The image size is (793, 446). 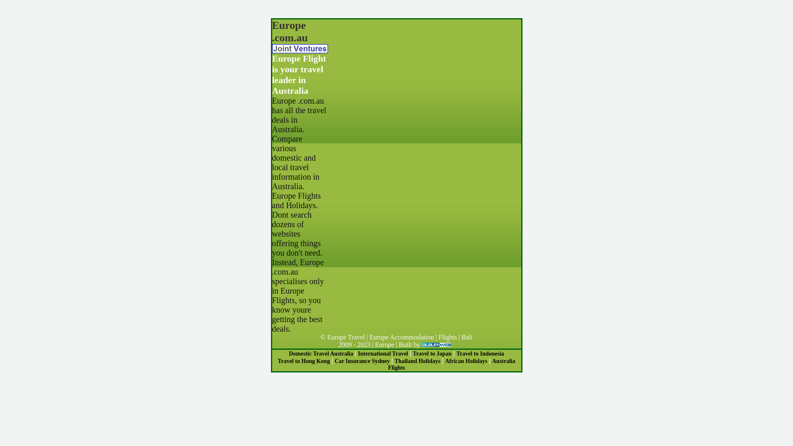 I want to click on 'Travel to Japan', so click(x=413, y=353).